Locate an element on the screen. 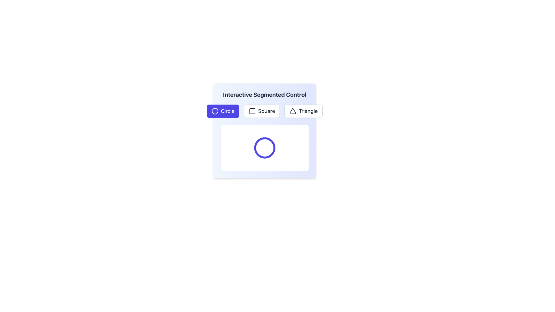 This screenshot has width=555, height=312. the visual representation of the circular shape located within the interactive segmented control system, positioned beneath the 'Circle' button is located at coordinates (264, 148).